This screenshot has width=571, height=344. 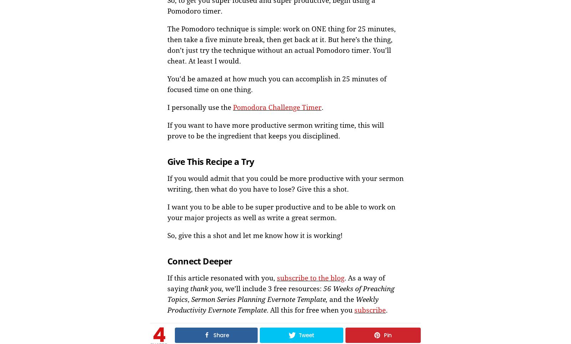 I want to click on ', we’ll include 3 free resources:', so click(x=272, y=288).